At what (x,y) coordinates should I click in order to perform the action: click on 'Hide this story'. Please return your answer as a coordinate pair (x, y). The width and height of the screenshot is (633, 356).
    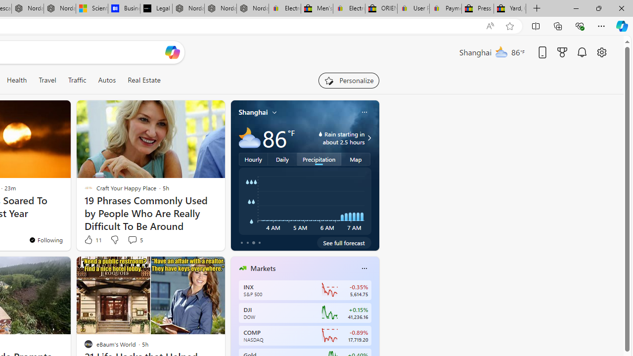
    Looking at the image, I should click on (195, 268).